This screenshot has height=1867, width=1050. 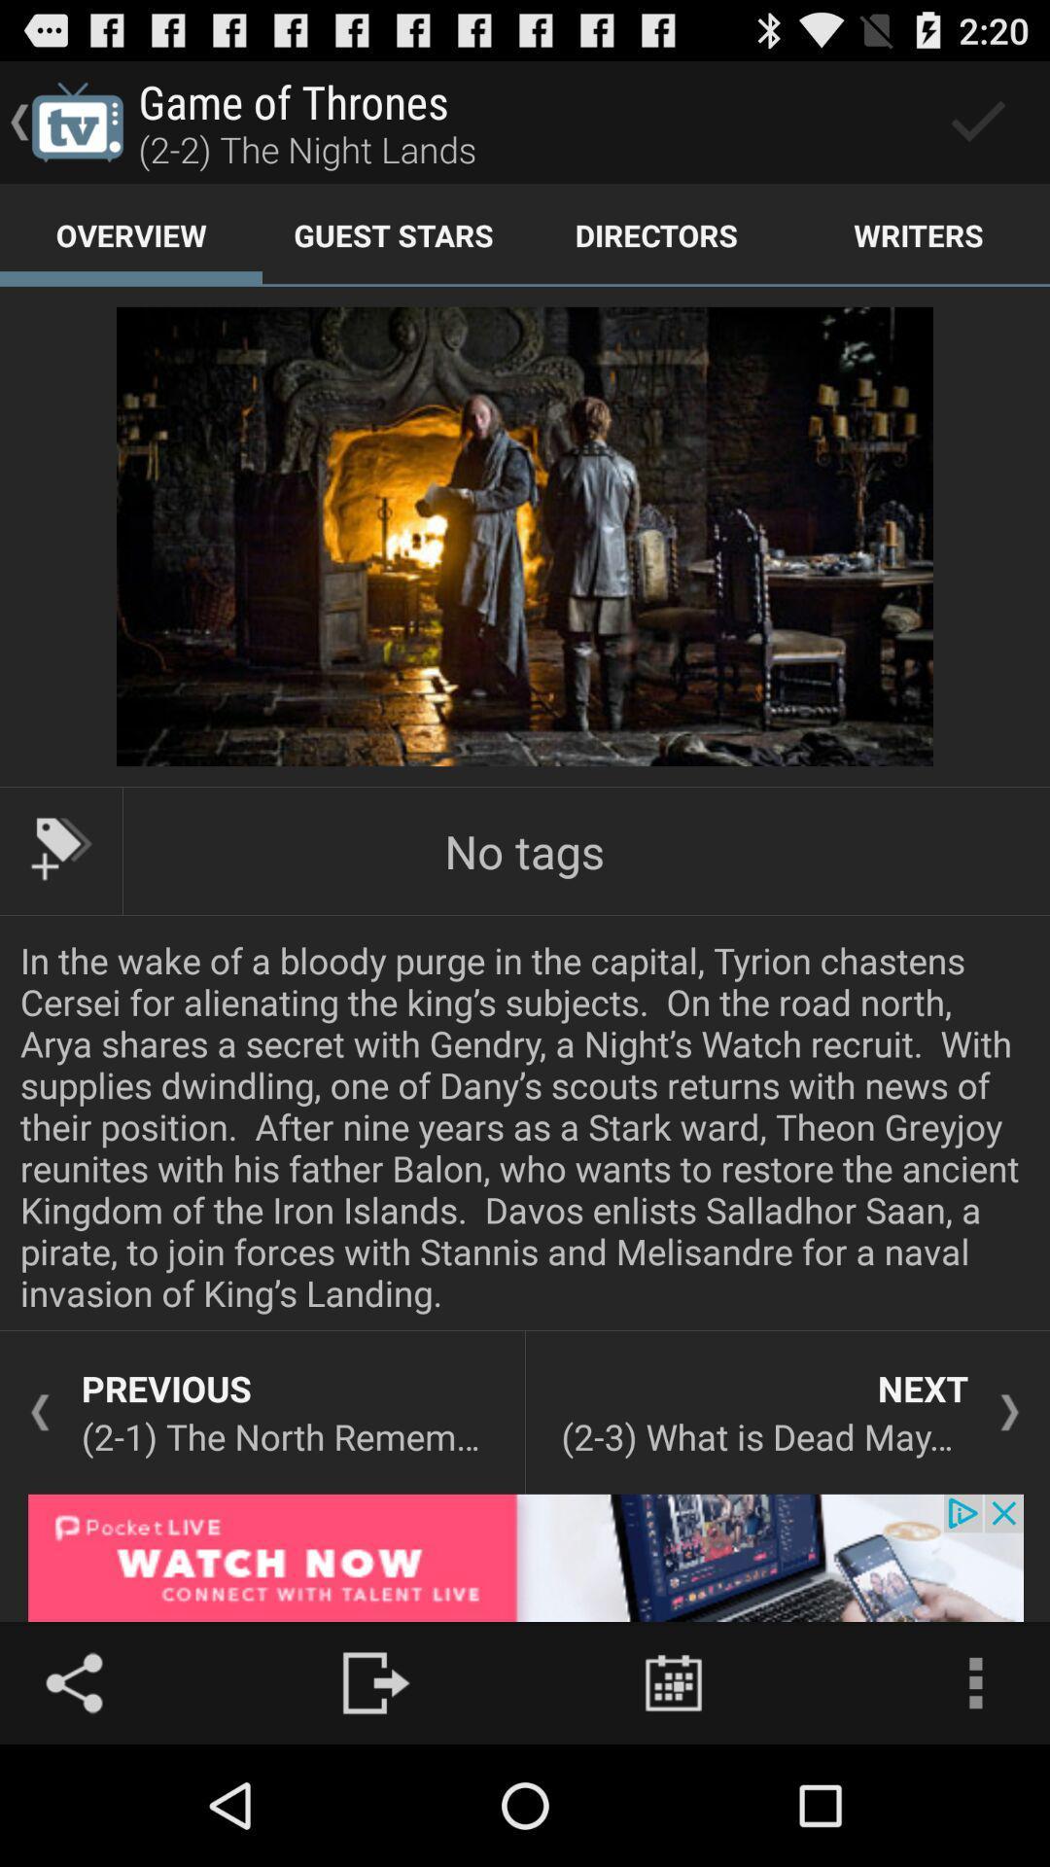 I want to click on open chosen picture, so click(x=525, y=537).